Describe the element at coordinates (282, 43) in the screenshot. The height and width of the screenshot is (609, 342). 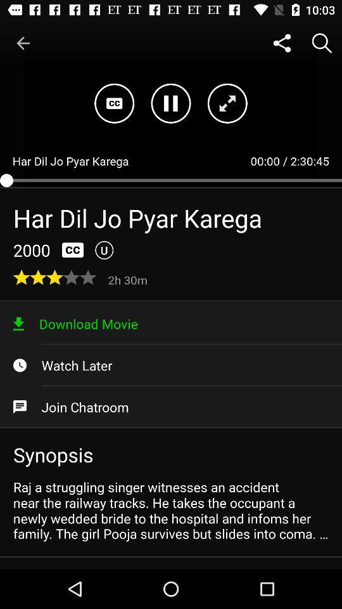
I see `item above the 00:00 /  icon` at that location.